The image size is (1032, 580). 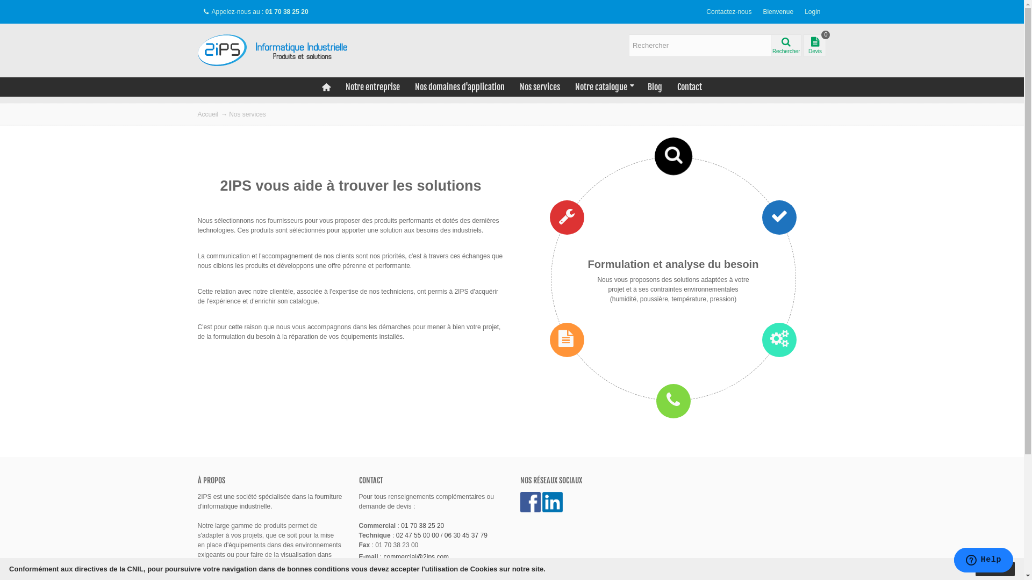 I want to click on '06 30 45 37 79', so click(x=466, y=535).